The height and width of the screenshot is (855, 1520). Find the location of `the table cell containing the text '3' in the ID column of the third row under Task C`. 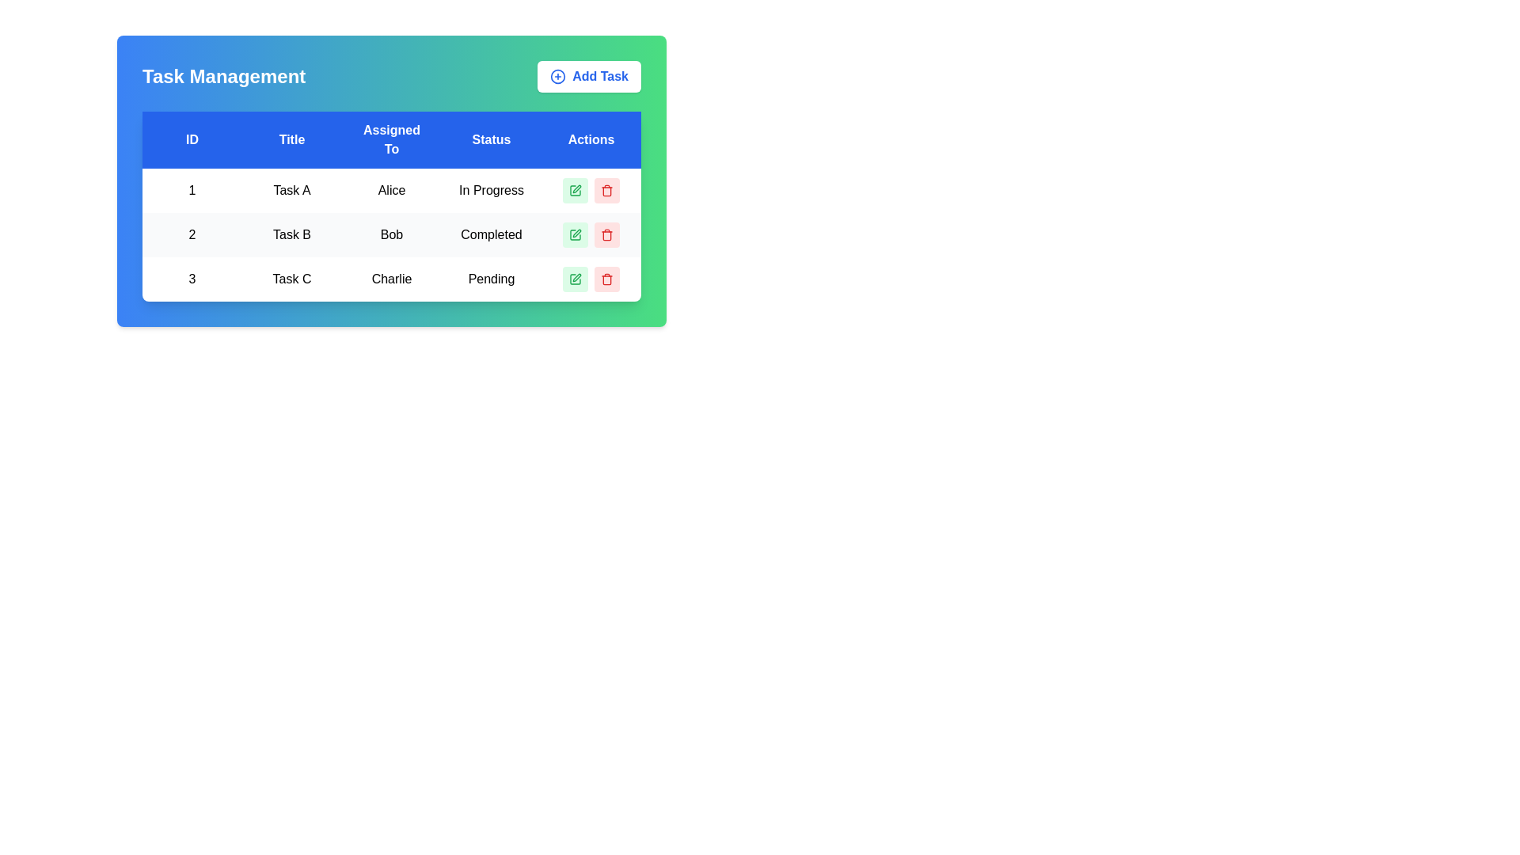

the table cell containing the text '3' in the ID column of the third row under Task C is located at coordinates (192, 279).